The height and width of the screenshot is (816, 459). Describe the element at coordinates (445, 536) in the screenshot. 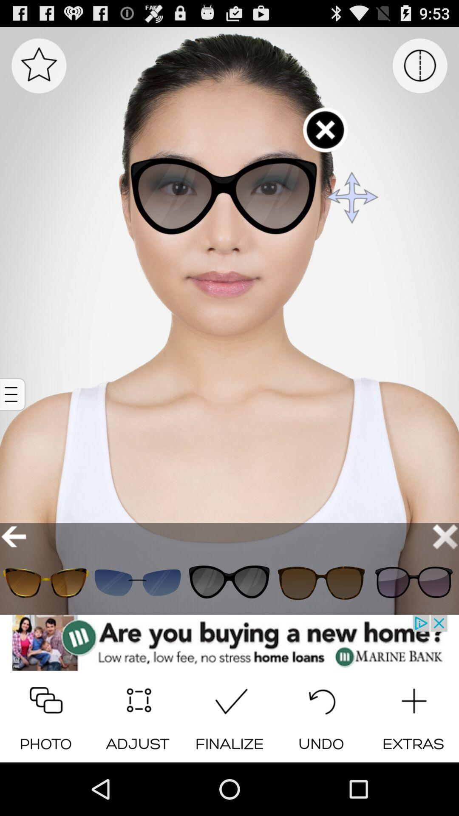

I see `closebutton` at that location.